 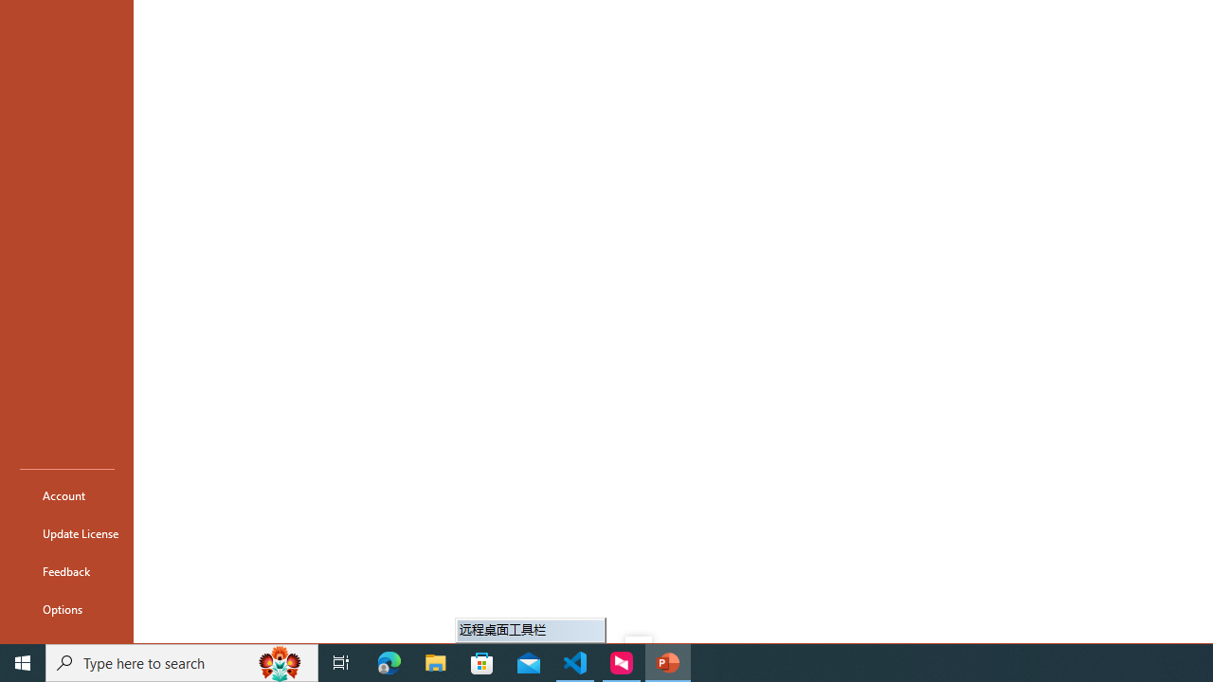 I want to click on 'Account', so click(x=67, y=494).